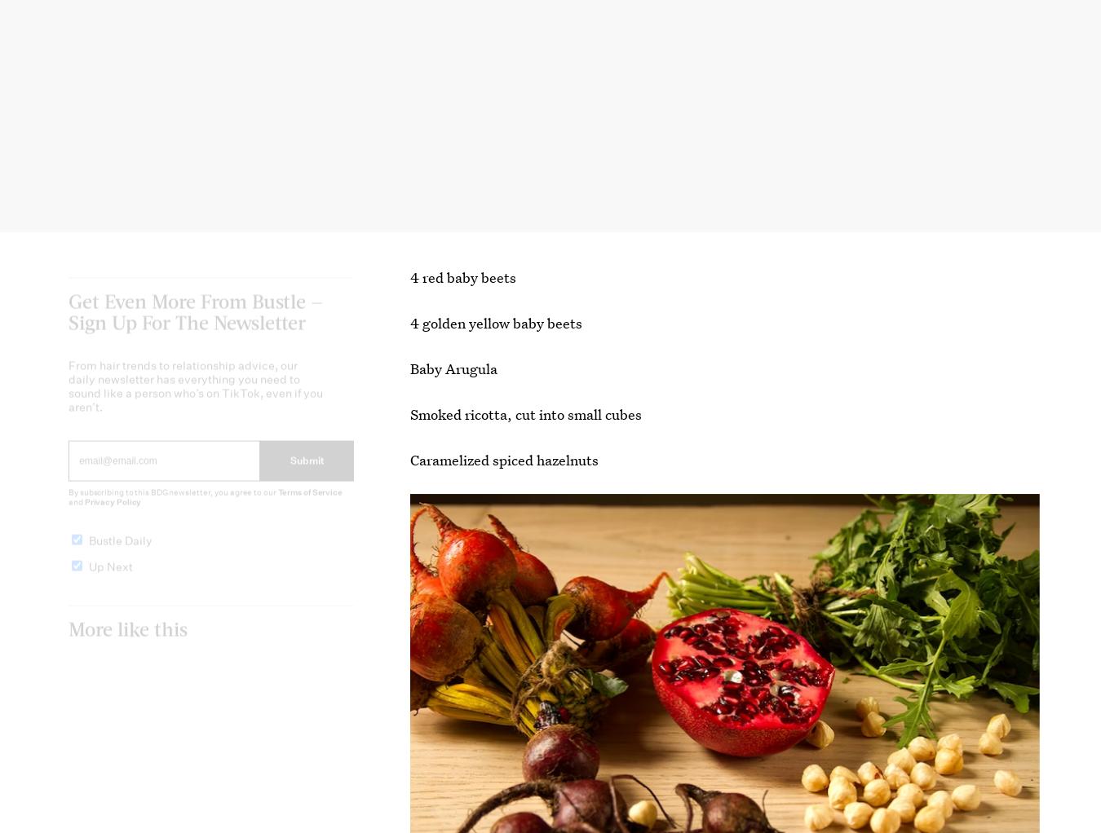 Image resolution: width=1101 pixels, height=833 pixels. What do you see at coordinates (195, 399) in the screenshot?
I see `'From hair trends to relationship advice, our daily newsletter has everything you need to sound like a person who’s on TikTok, even if you aren’t.'` at bounding box center [195, 399].